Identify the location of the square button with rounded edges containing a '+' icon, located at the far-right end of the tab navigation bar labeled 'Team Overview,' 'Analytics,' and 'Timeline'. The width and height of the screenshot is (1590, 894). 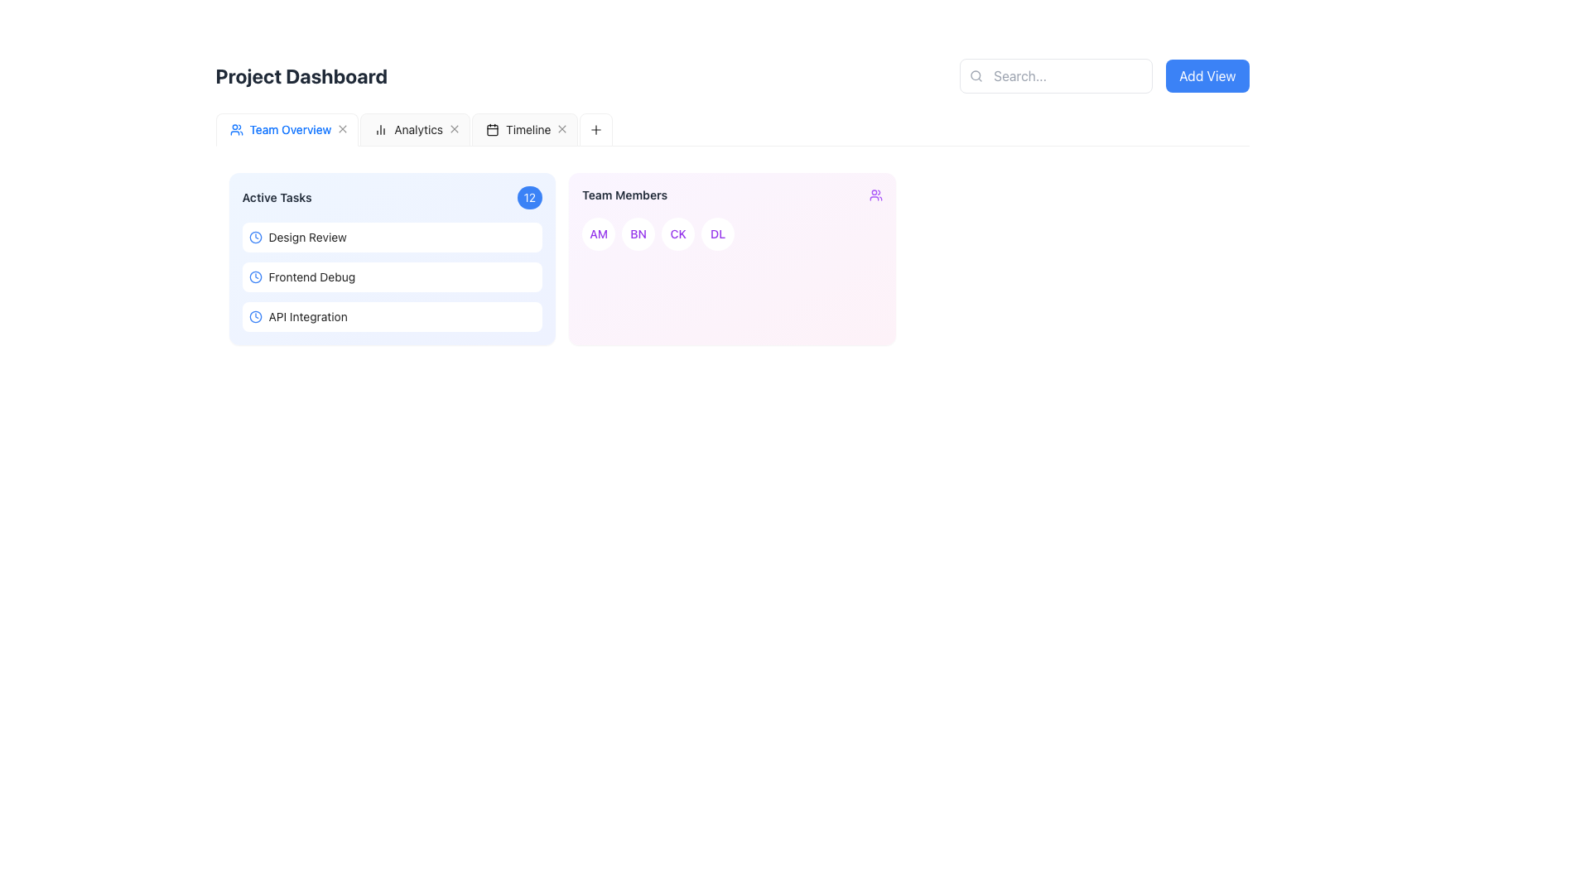
(596, 129).